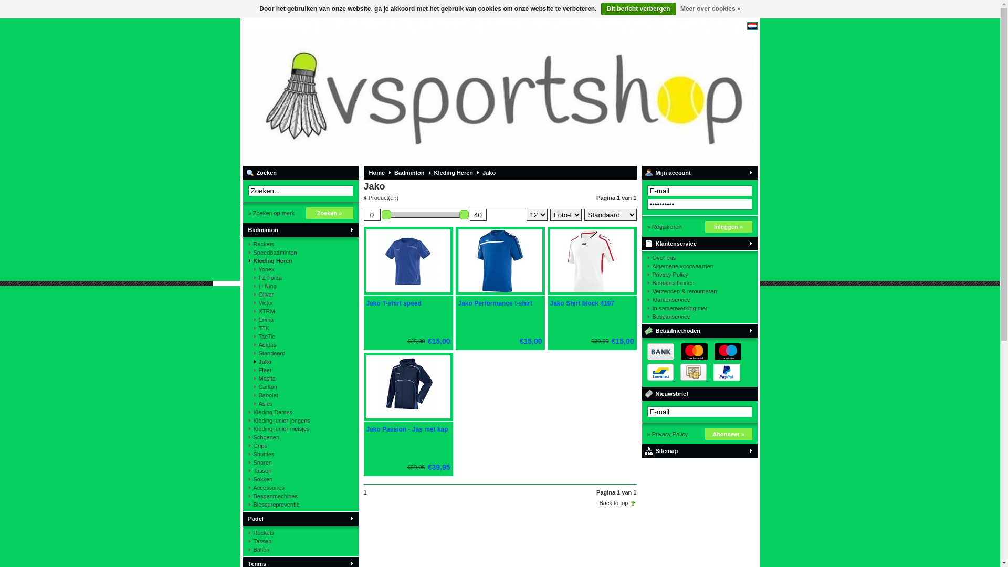  Describe the element at coordinates (247, 532) in the screenshot. I see `'Rackets'` at that location.